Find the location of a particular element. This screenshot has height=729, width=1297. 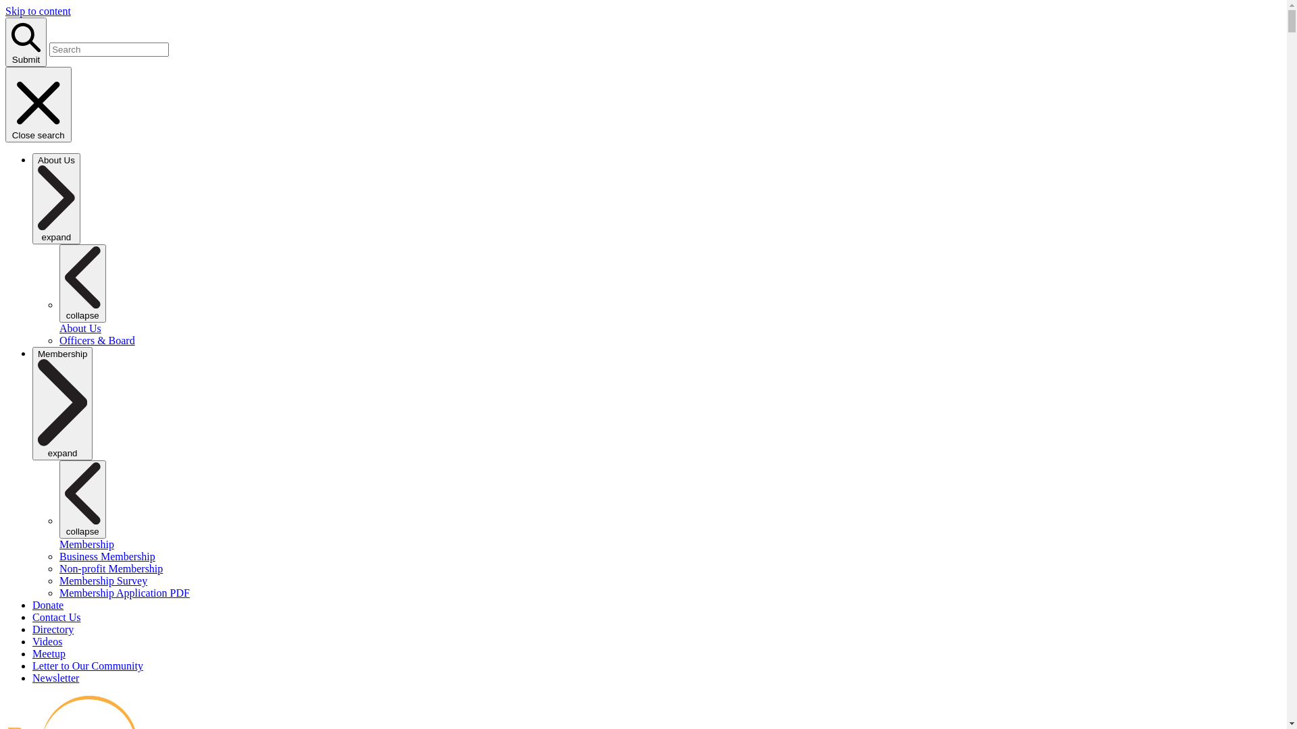

'Membership Application PDF' is located at coordinates (124, 592).